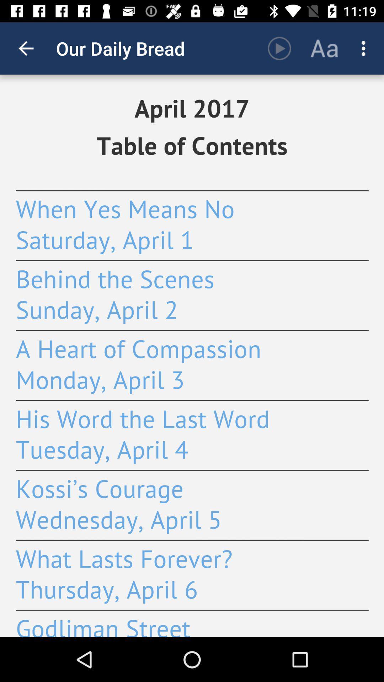 This screenshot has width=384, height=682. I want to click on item at the center, so click(192, 356).